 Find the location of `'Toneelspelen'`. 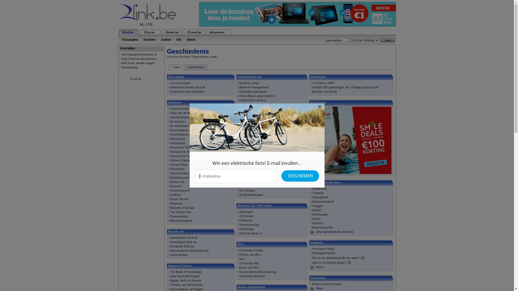

'Toneelspelen' is located at coordinates (179, 216).